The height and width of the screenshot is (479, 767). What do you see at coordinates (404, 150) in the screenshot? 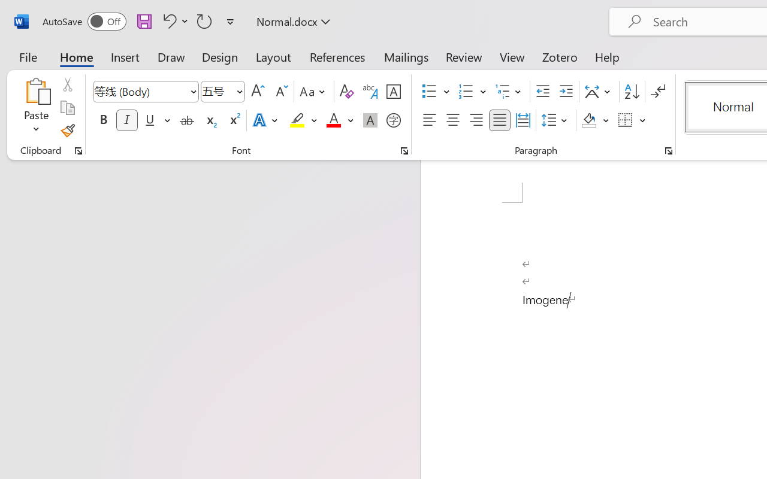
I see `'Font...'` at bounding box center [404, 150].